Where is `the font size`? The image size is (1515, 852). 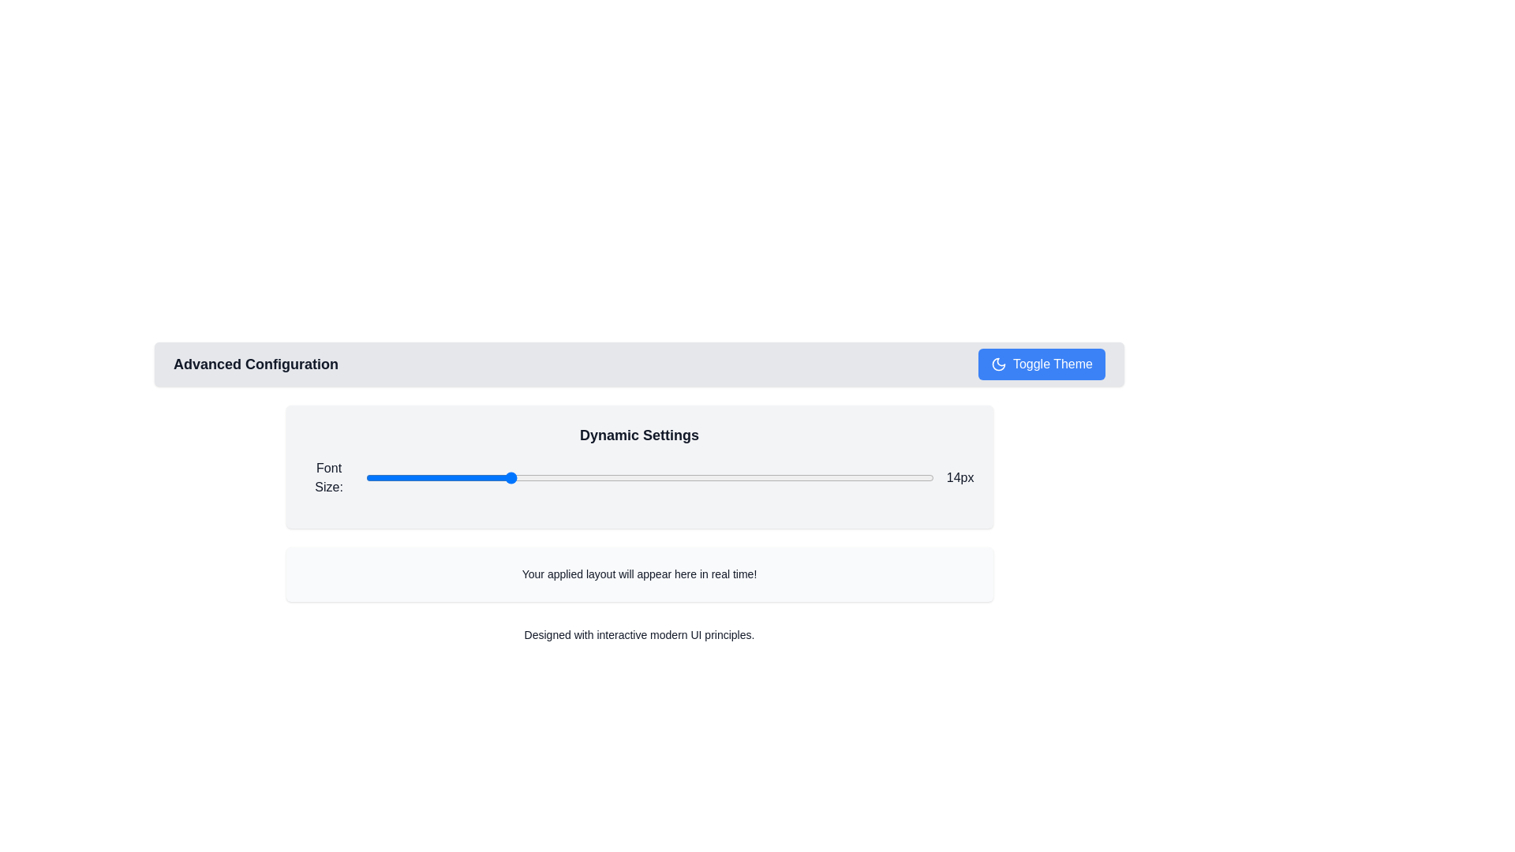
the font size is located at coordinates (365, 476).